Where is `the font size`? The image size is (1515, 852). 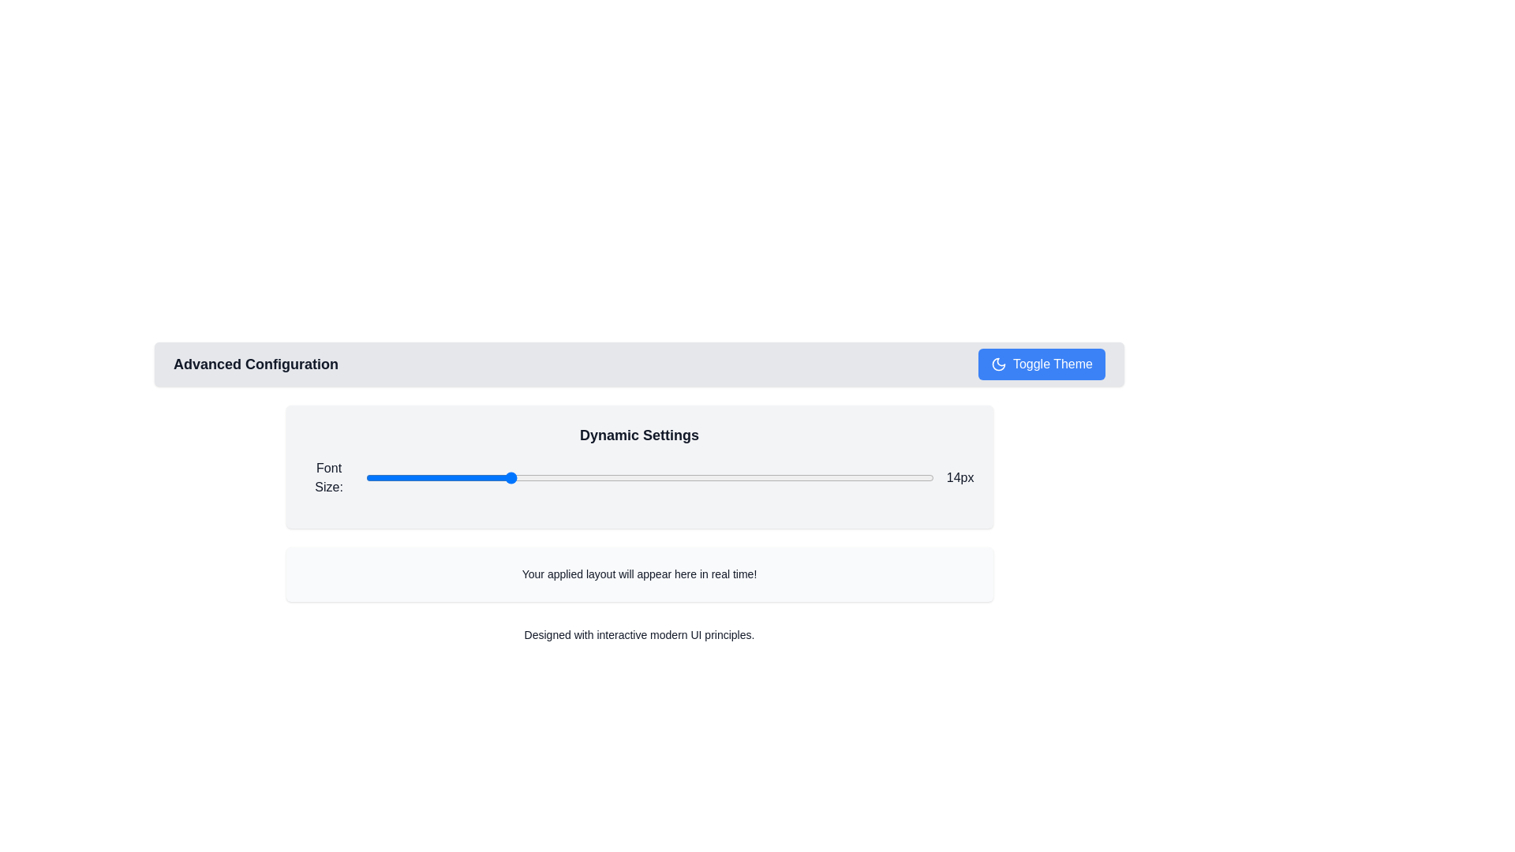
the font size is located at coordinates (365, 476).